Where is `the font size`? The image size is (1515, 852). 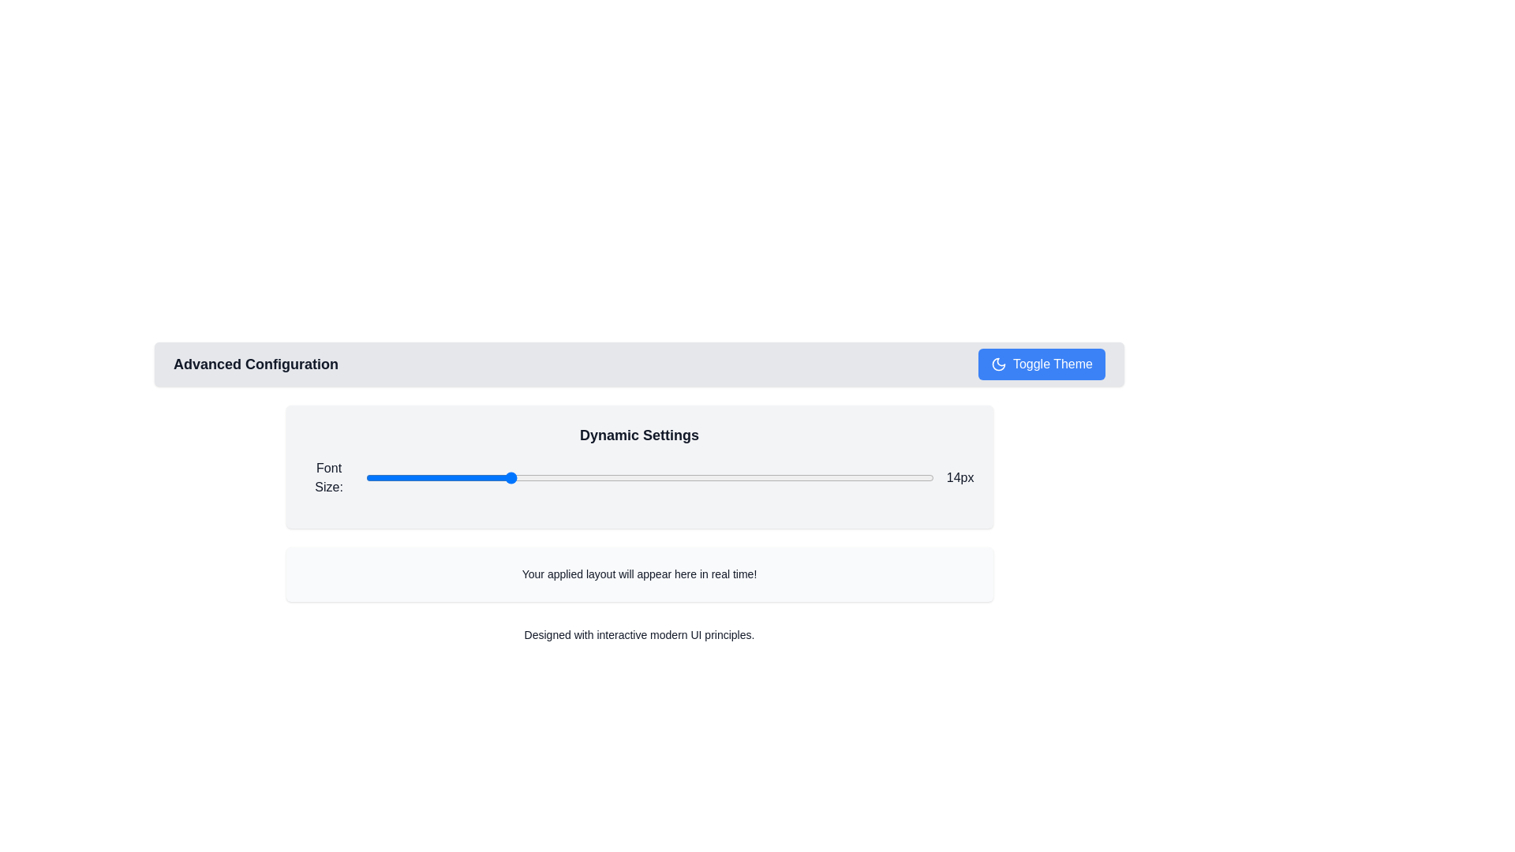
the font size is located at coordinates (365, 476).